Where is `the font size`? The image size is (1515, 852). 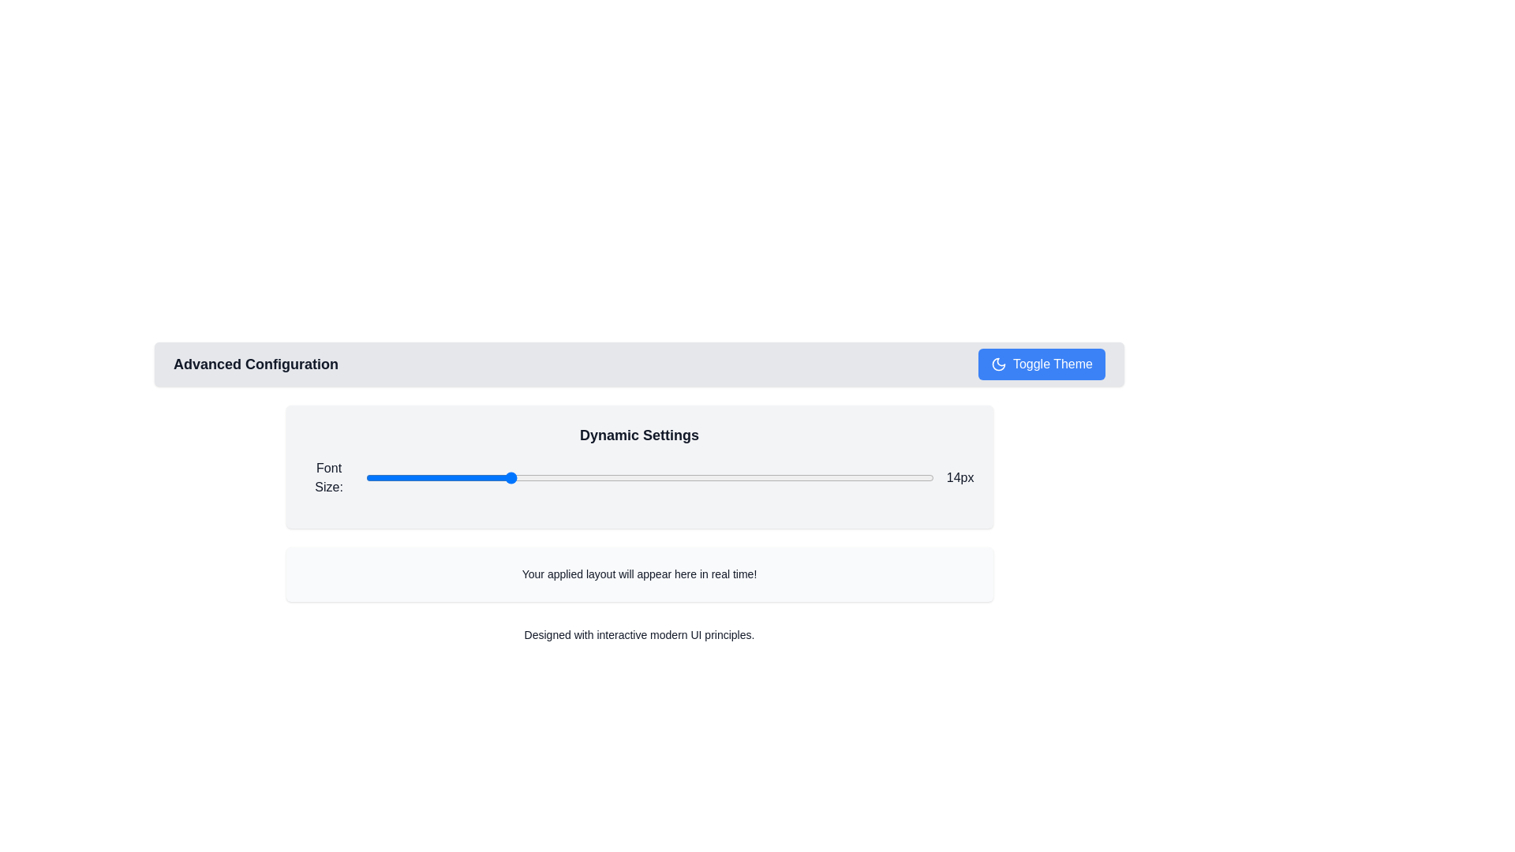
the font size is located at coordinates (365, 476).